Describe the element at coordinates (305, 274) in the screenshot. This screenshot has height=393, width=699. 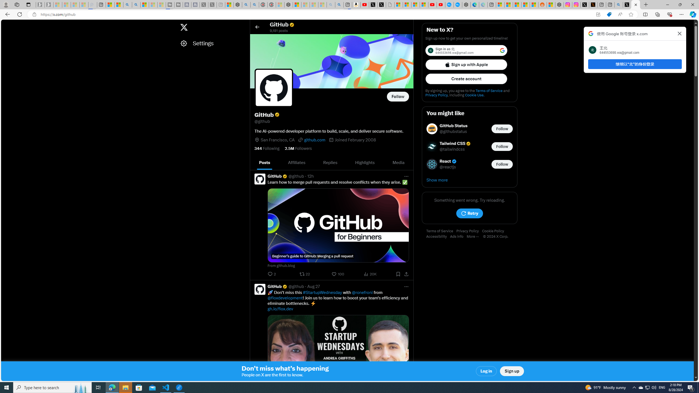
I see `'22 reposts. Repost'` at that location.